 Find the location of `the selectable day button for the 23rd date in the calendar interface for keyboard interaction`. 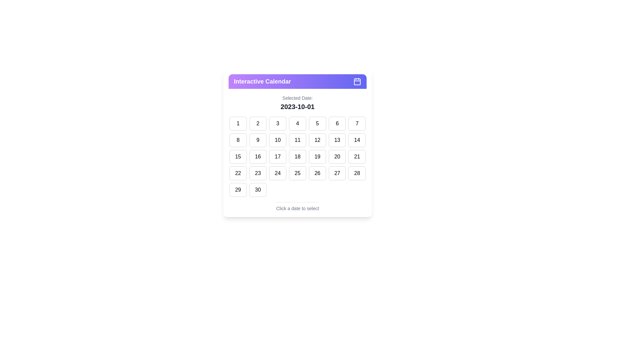

the selectable day button for the 23rd date in the calendar interface for keyboard interaction is located at coordinates (257, 173).